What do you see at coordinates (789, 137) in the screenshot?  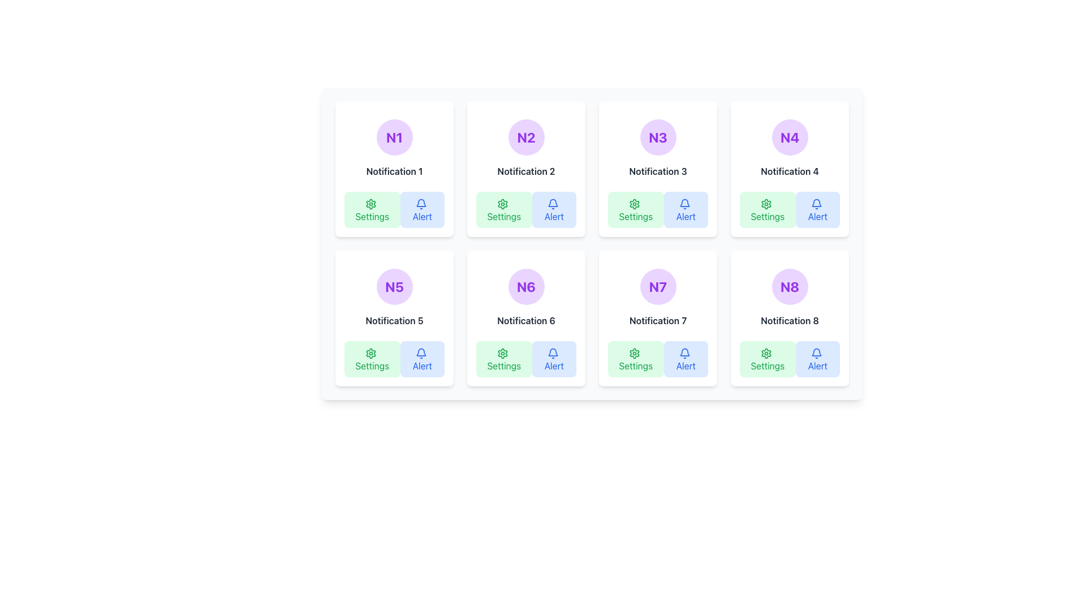 I see `the circular icon containing the text 'N4', which is part of the 'Notification 4' card in the top row and fourth column of the grid layout` at bounding box center [789, 137].